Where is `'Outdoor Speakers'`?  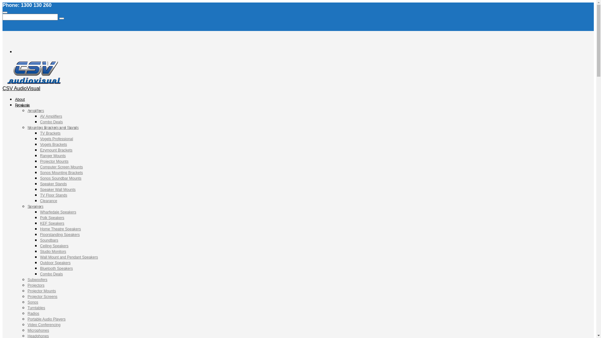 'Outdoor Speakers' is located at coordinates (55, 263).